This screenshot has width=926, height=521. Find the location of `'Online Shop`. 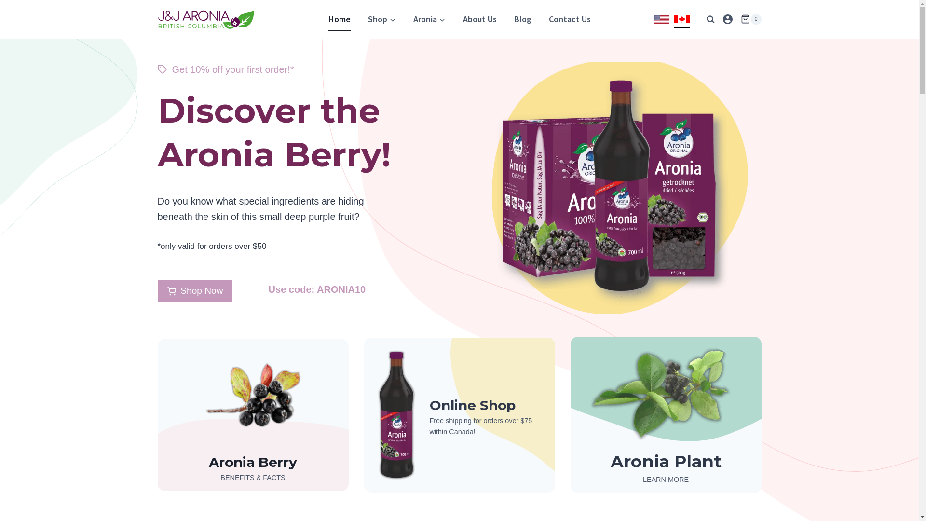

'Online Shop is located at coordinates (458, 414).